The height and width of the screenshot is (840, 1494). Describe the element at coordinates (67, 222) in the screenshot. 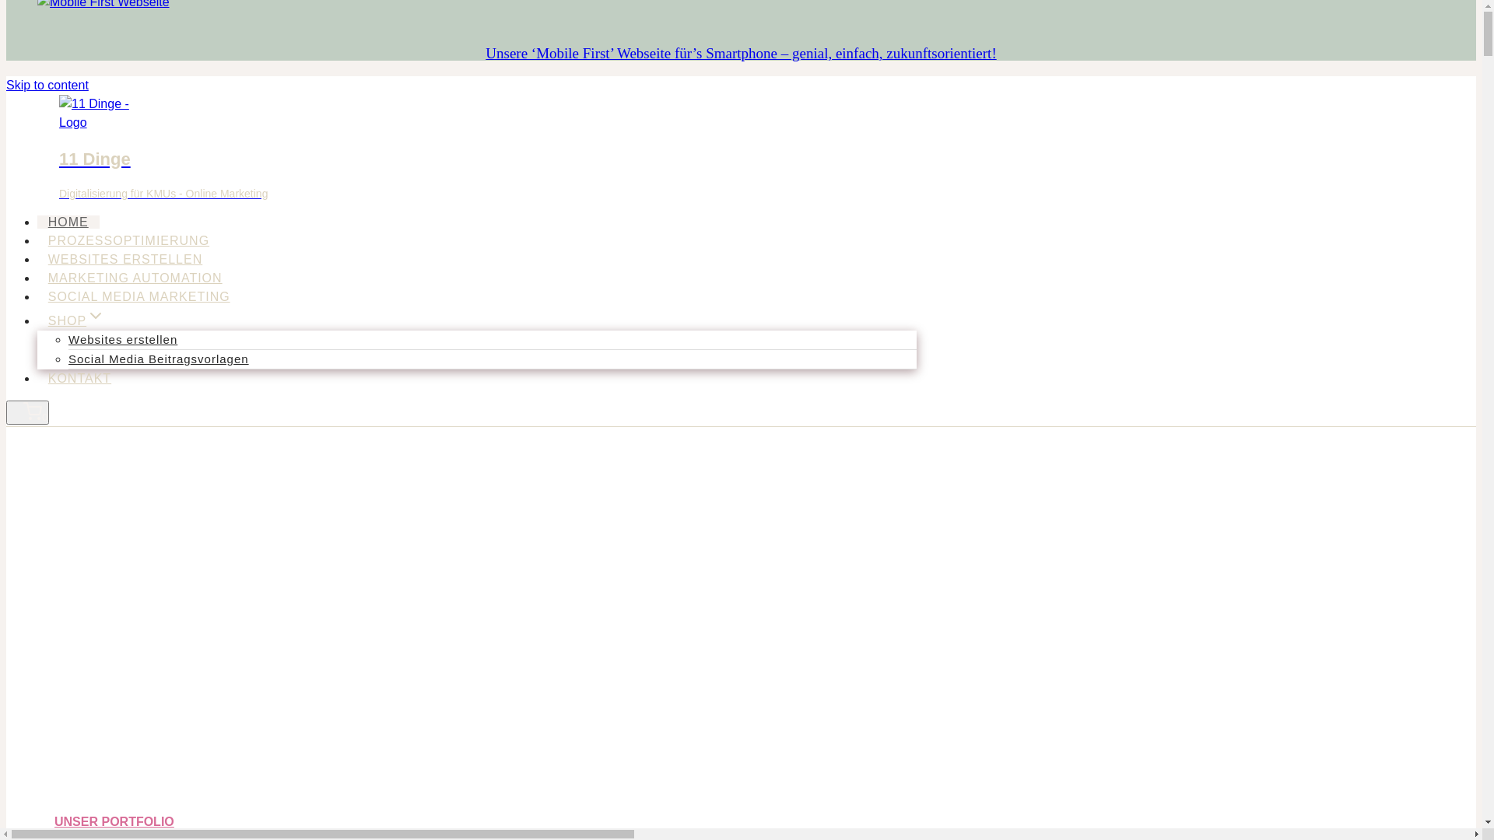

I see `'HOME'` at that location.